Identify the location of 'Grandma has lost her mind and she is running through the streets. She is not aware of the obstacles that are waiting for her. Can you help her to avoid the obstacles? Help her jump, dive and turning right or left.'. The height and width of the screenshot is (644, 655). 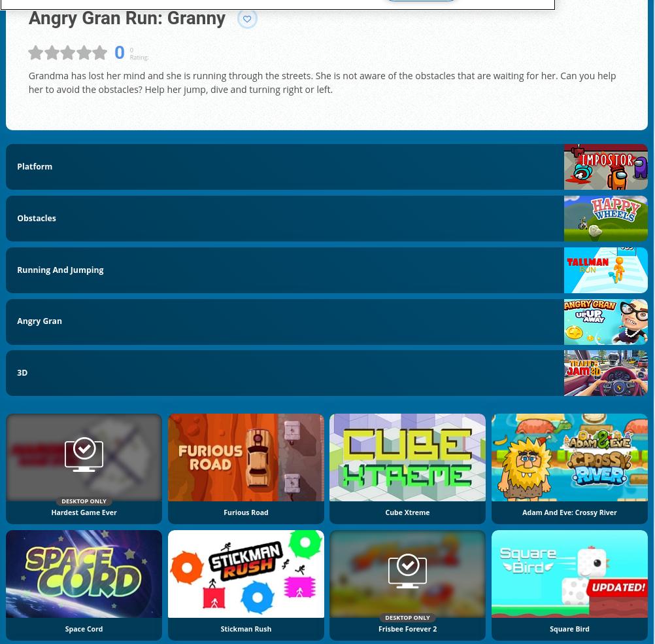
(321, 81).